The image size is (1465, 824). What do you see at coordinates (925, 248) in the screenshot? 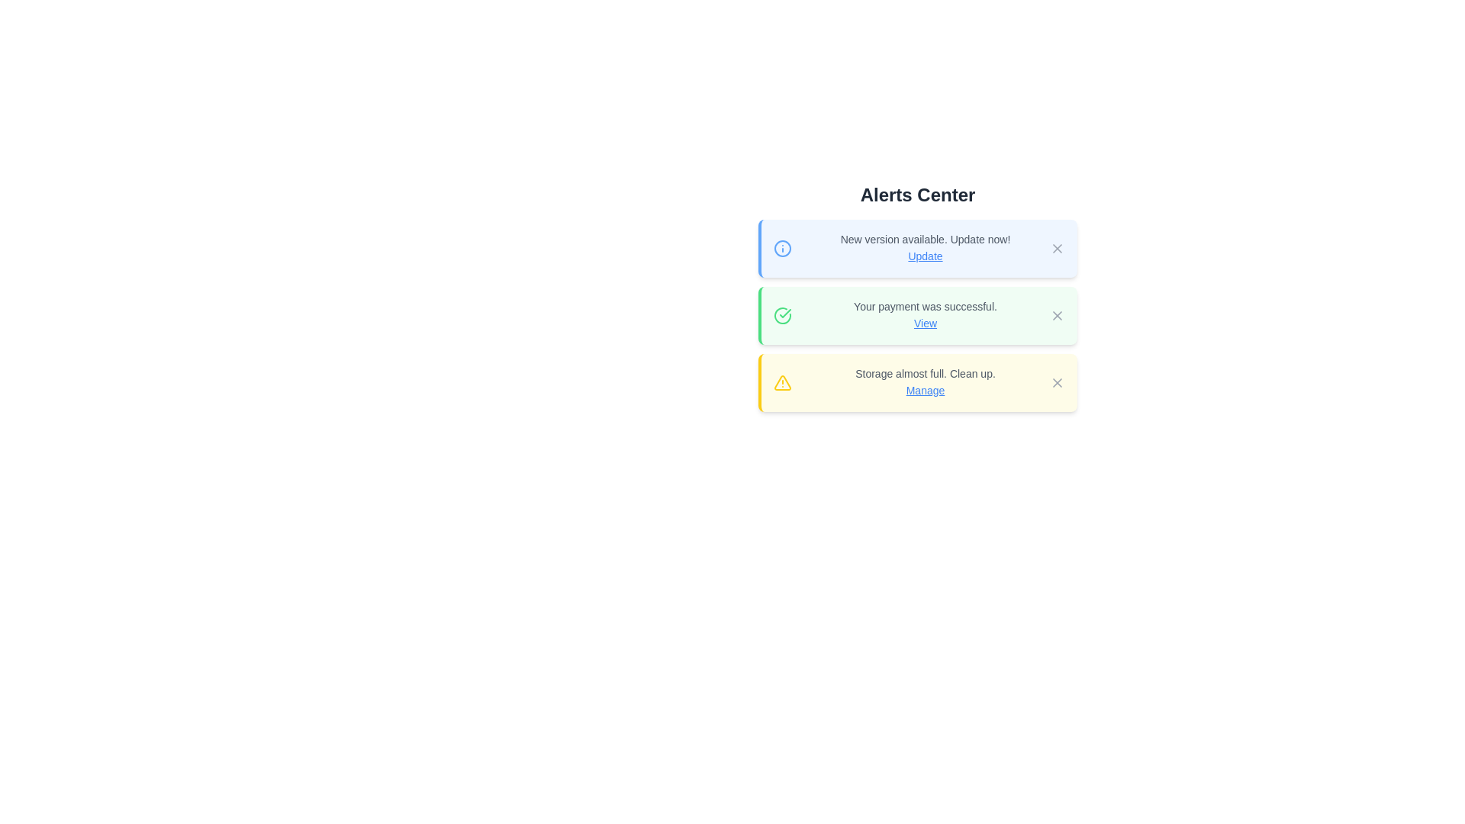
I see `Notification message about the new update located in the Alerts Center, which is the uppermost alert card and contains an actionable link labeled 'Update'` at bounding box center [925, 248].